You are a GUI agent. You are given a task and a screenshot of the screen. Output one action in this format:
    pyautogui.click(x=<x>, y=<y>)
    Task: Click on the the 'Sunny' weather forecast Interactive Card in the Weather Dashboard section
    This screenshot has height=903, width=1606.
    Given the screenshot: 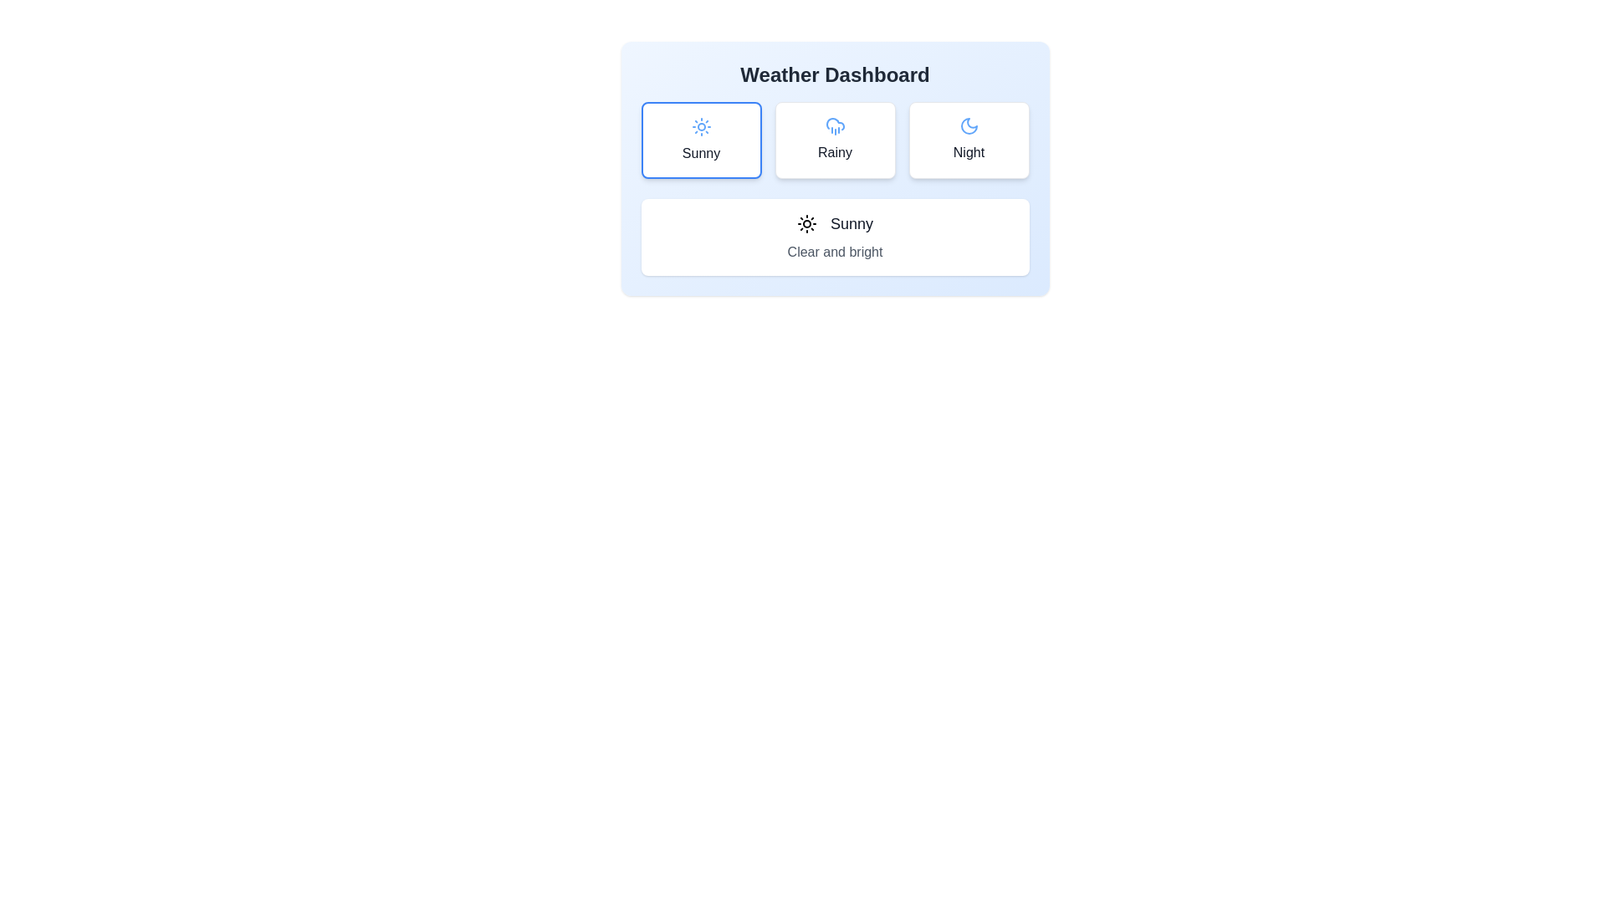 What is the action you would take?
    pyautogui.click(x=701, y=140)
    